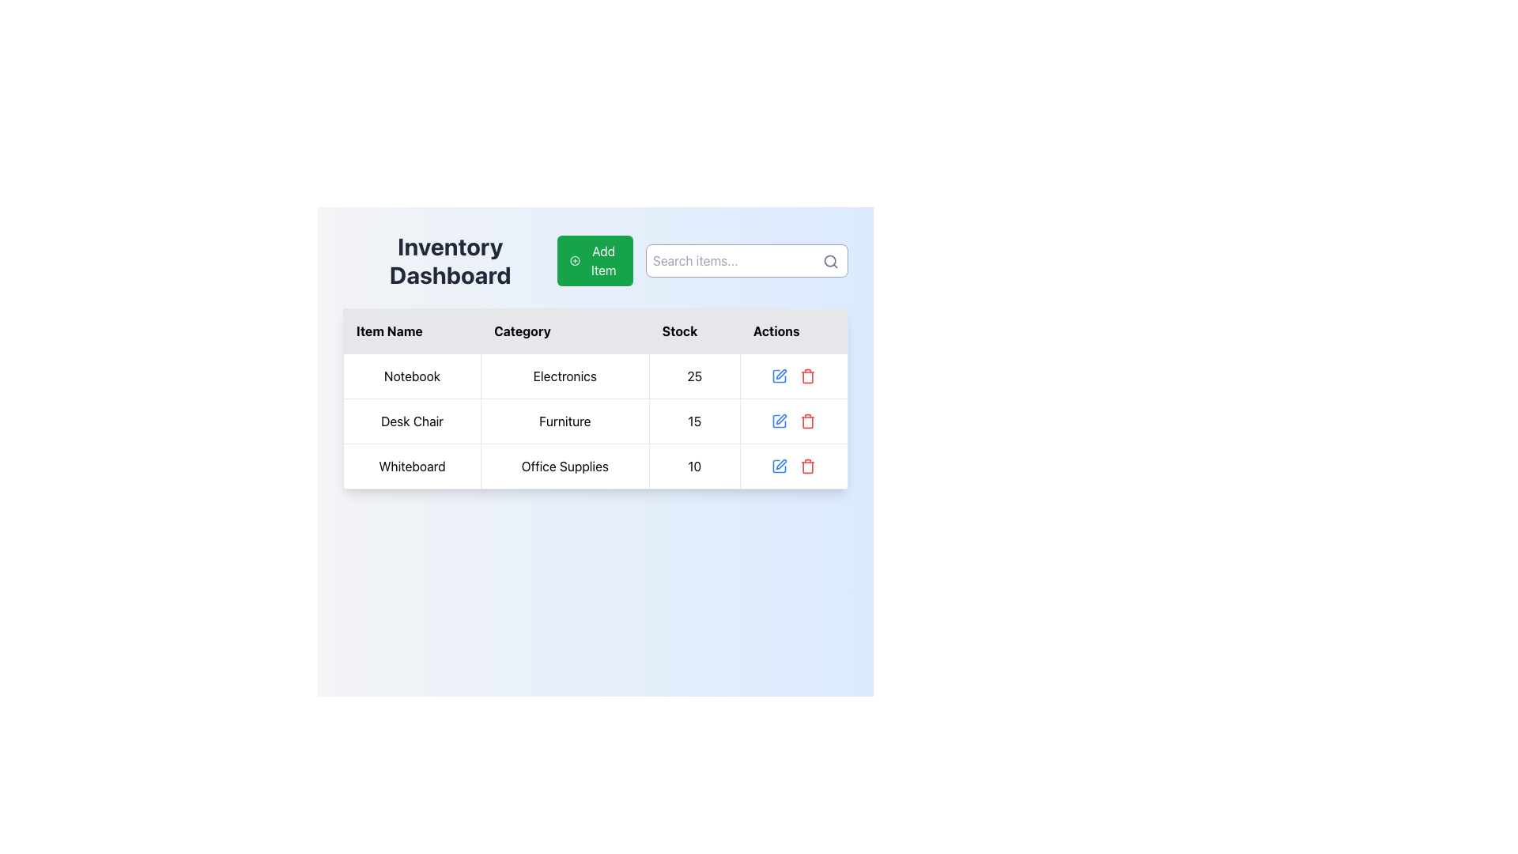  I want to click on the first editing icon (SVG) in the Actions column of the third row of the table, so click(780, 376).